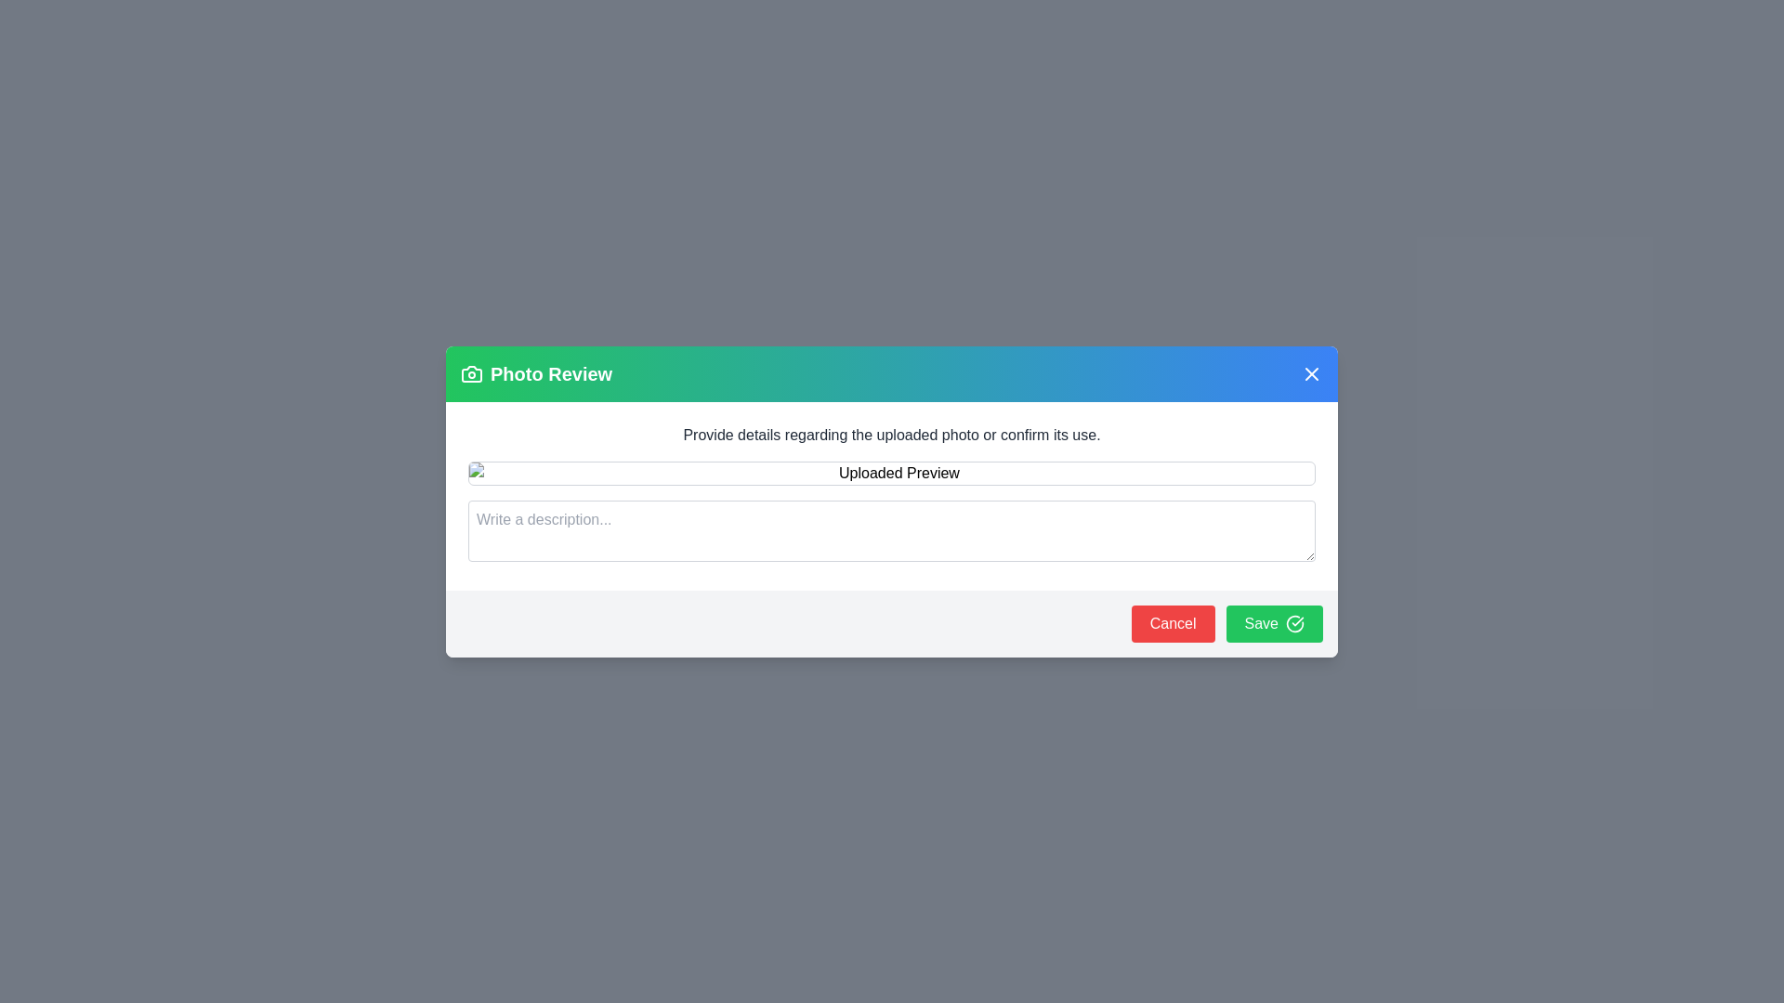 The image size is (1784, 1003). What do you see at coordinates (1172, 623) in the screenshot?
I see `the 'Cancel' button to observe its hover effect` at bounding box center [1172, 623].